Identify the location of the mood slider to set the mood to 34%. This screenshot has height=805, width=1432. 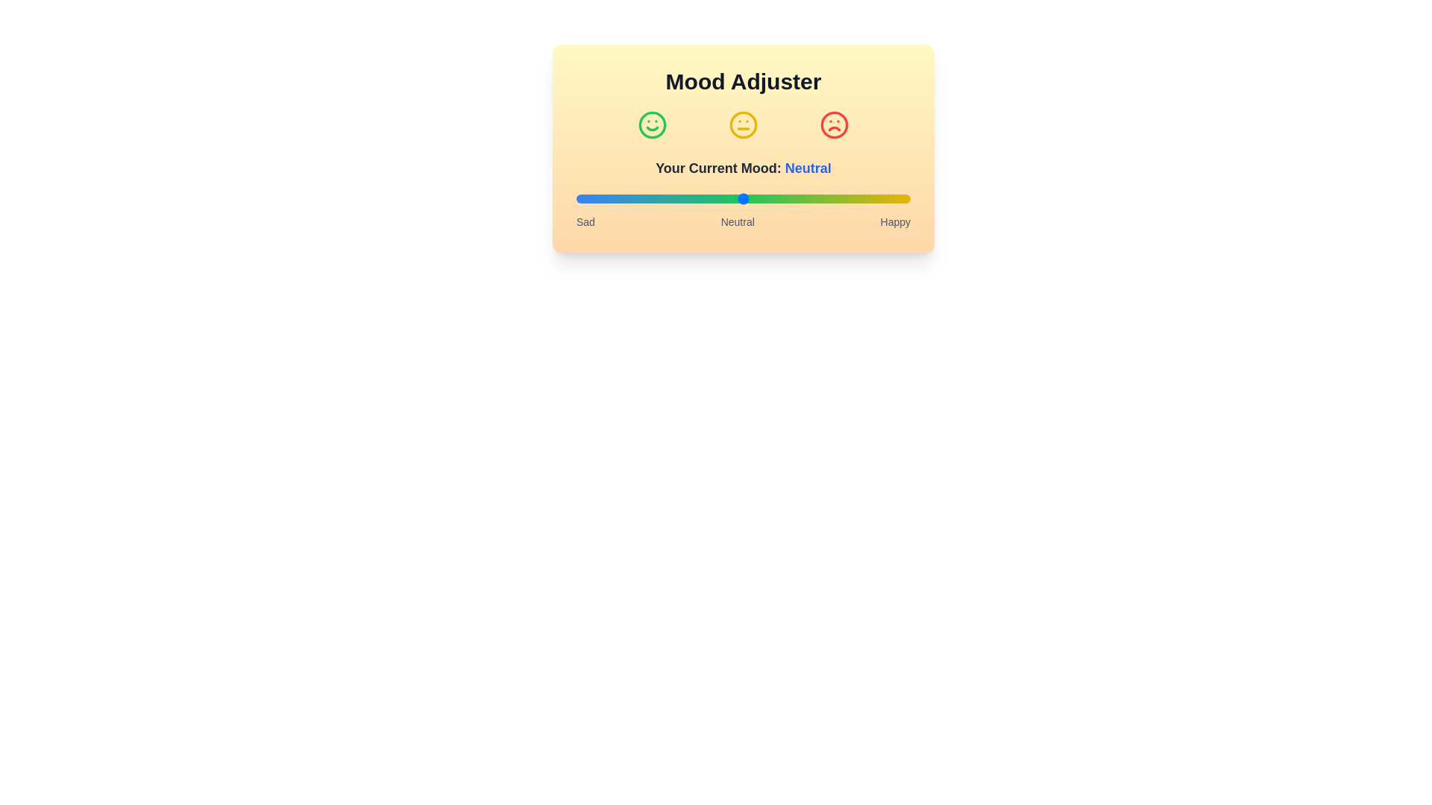
(689, 198).